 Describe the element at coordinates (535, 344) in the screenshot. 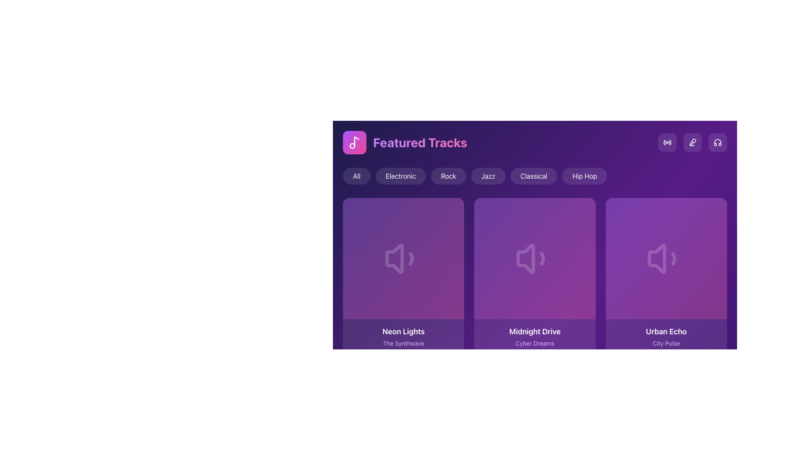

I see `the text element displaying 'Cyber Dreams' in light purple, located under 'Midnight Drive' in the middle column of a three-column layout` at that location.